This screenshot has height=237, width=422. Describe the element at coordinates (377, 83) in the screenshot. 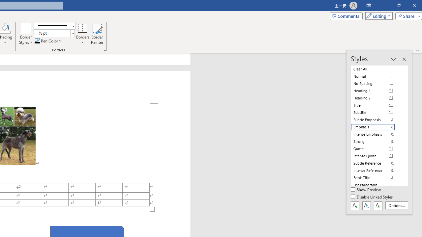

I see `'No Spacing'` at that location.